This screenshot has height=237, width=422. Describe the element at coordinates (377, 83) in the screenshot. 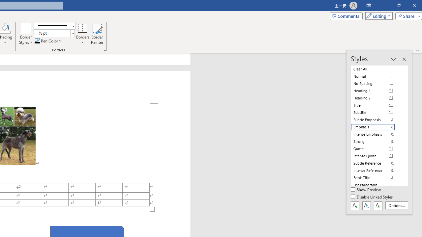

I see `'No Spacing'` at that location.